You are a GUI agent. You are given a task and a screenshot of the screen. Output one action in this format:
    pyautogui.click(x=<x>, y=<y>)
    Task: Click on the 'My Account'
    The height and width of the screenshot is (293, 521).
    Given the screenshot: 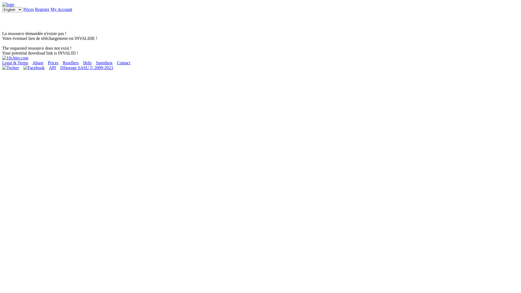 What is the action you would take?
    pyautogui.click(x=61, y=9)
    